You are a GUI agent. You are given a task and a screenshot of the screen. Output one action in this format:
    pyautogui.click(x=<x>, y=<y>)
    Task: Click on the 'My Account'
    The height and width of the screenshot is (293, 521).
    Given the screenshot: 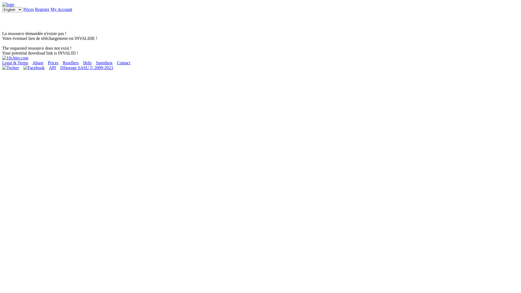 What is the action you would take?
    pyautogui.click(x=61, y=9)
    